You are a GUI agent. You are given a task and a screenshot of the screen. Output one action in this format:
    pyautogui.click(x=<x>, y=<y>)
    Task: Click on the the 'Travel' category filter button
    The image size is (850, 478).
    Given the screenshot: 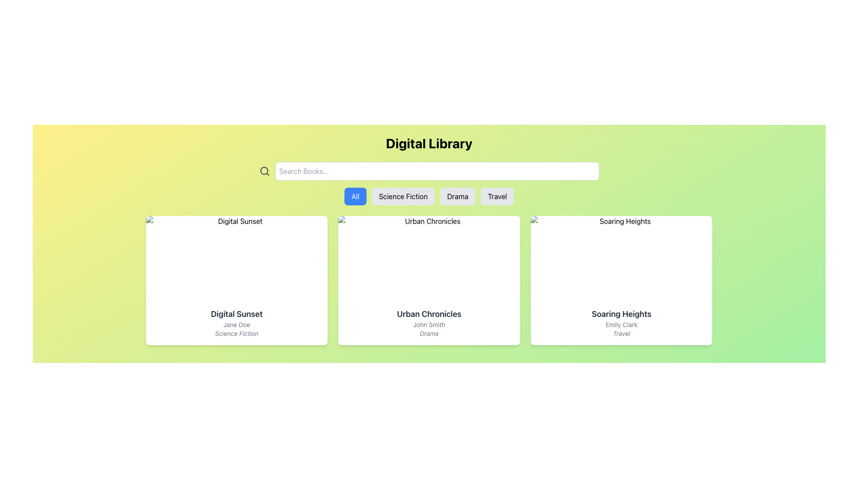 What is the action you would take?
    pyautogui.click(x=497, y=196)
    